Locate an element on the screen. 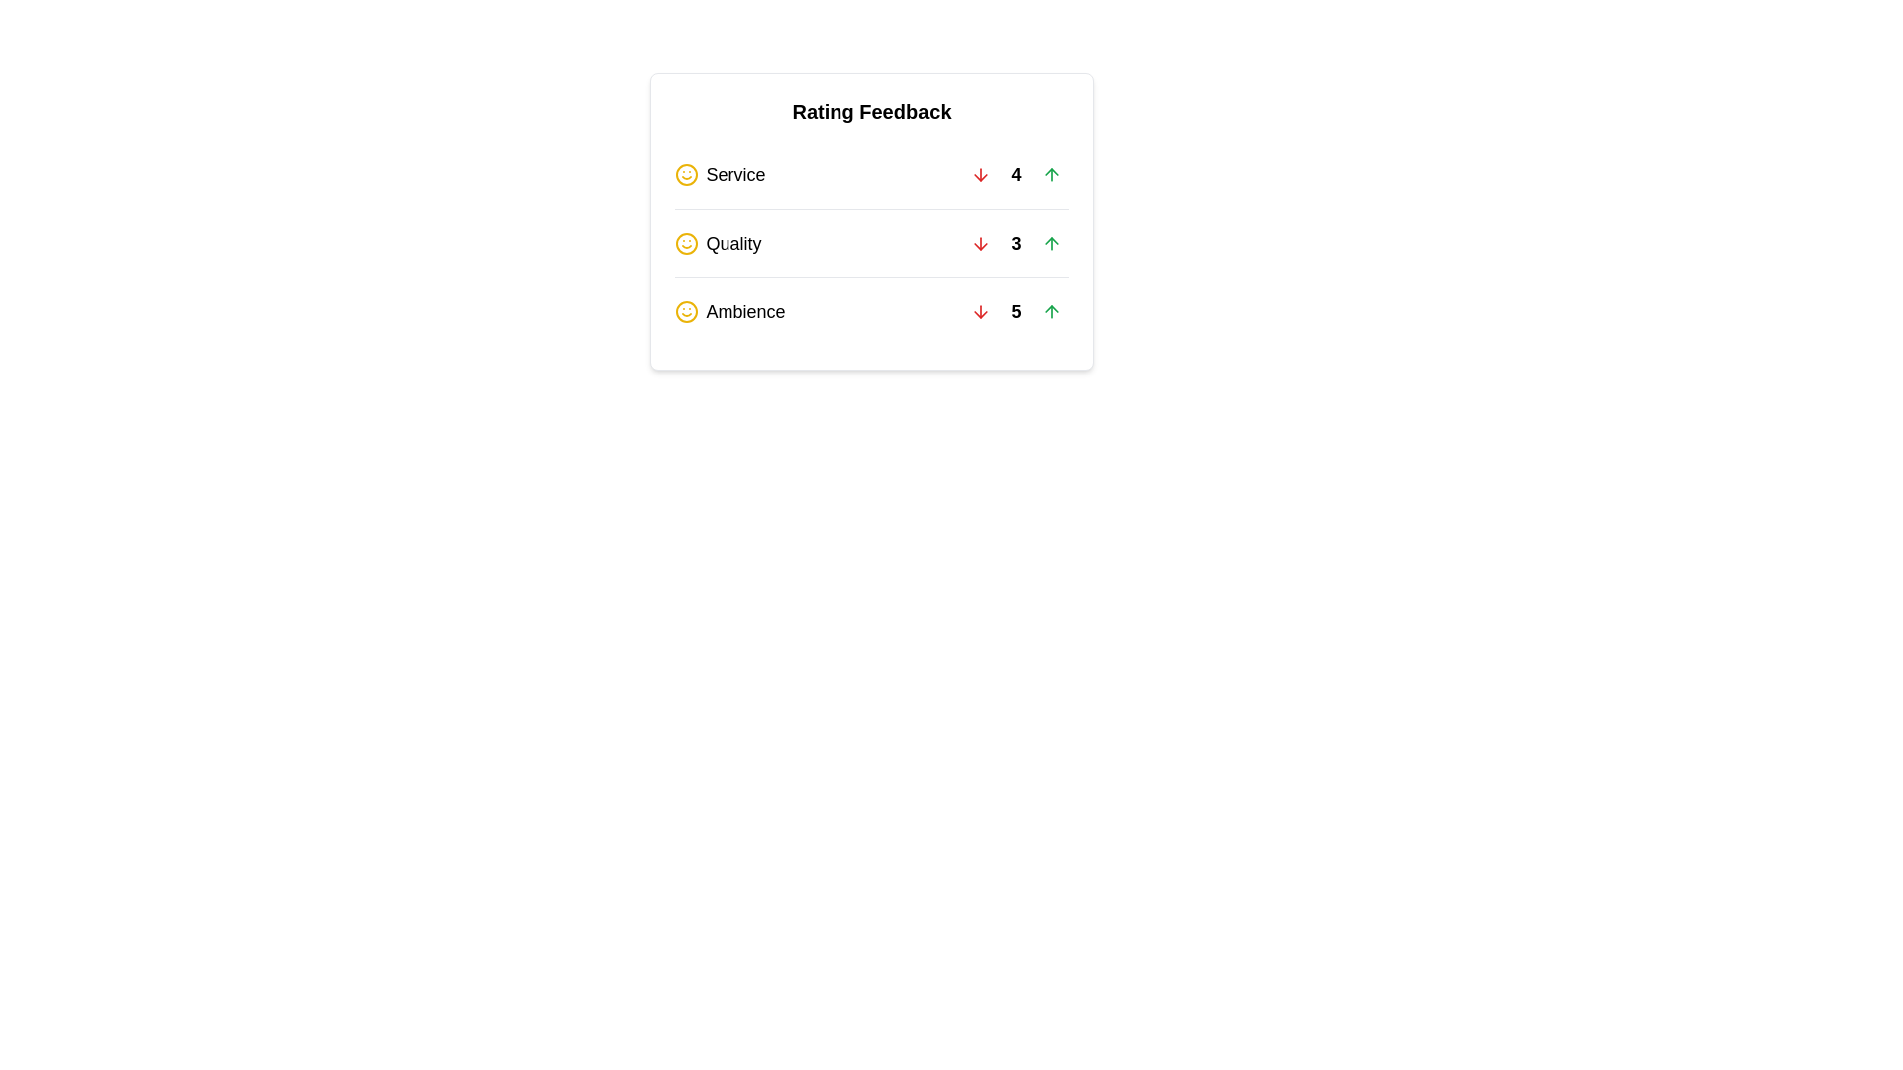 The width and height of the screenshot is (1903, 1070). the 'Quality' label which is the second text label in the vertical list of ratings under 'Rating Feedback', located next to a yellow smiley face icon is located at coordinates (732, 243).